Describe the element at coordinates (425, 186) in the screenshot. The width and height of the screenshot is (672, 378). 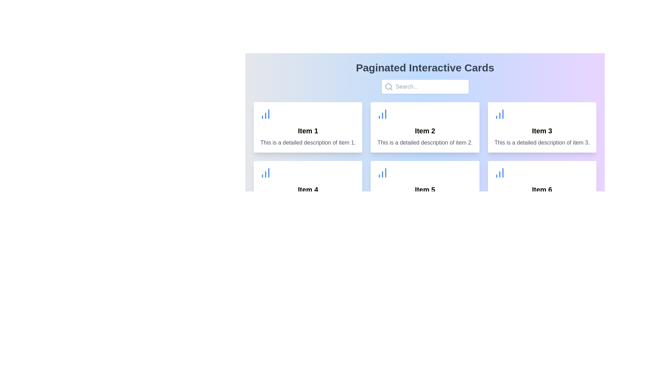
I see `the Informational Card located in the second row, second column of the grid layout, surrounded by 'Item 4' on the left and 'Item 6' on the right` at that location.